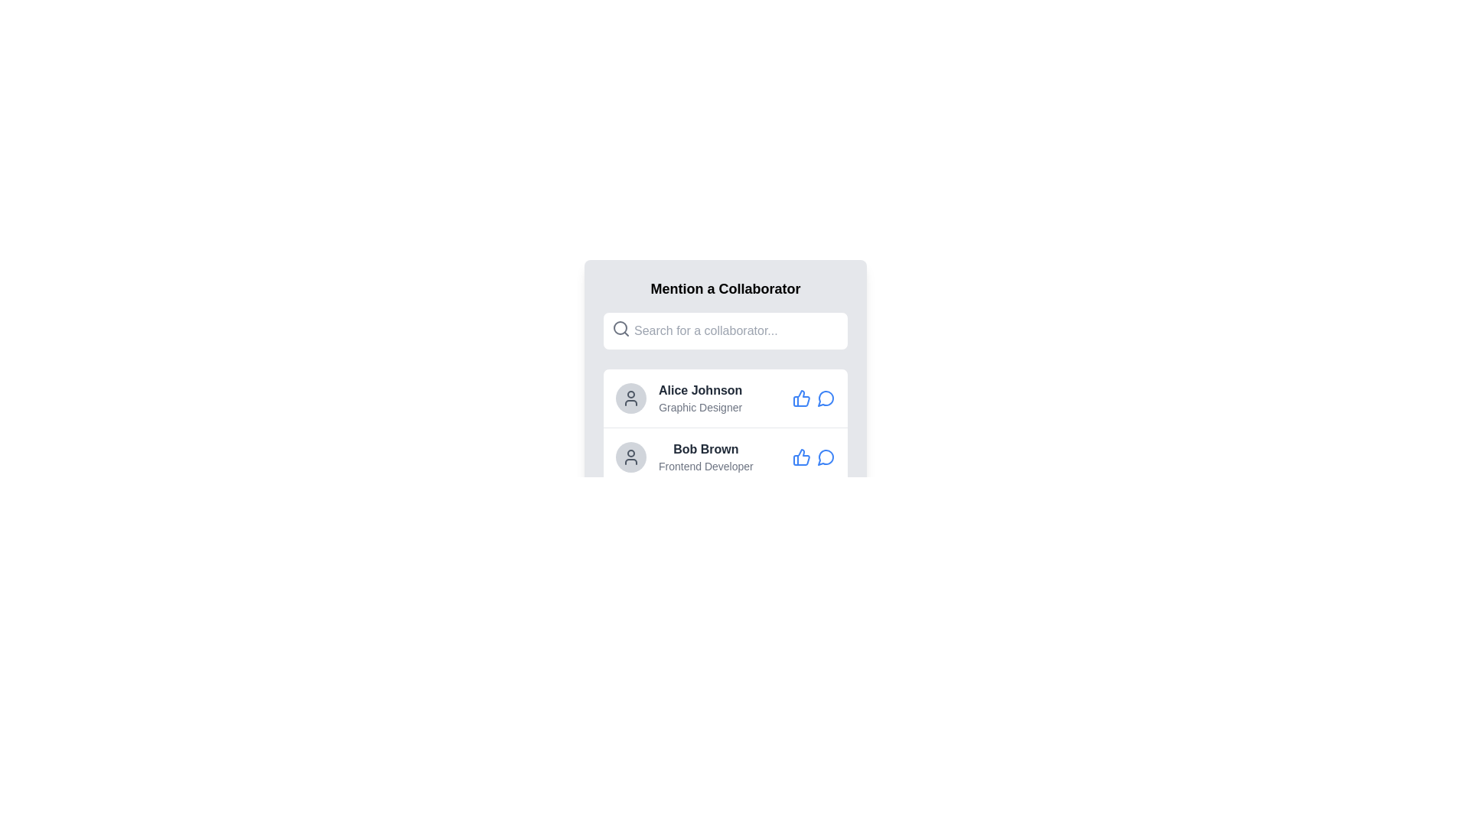 The image size is (1469, 826). Describe the element at coordinates (699, 406) in the screenshot. I see `text label displaying 'Graphic Designer', which is positioned directly beneath the name 'Alice Johnson' in a vertical list of collaborators` at that location.